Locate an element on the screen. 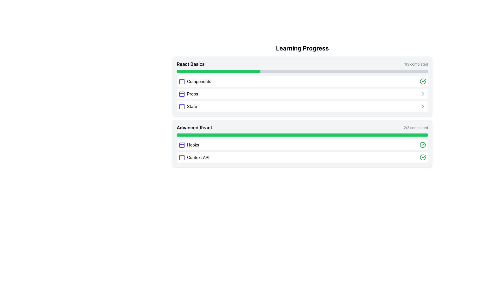  the right-facing chevron icon, which is the rightmost item in the 'State' row under the 'React Basics' section is located at coordinates (423, 106).